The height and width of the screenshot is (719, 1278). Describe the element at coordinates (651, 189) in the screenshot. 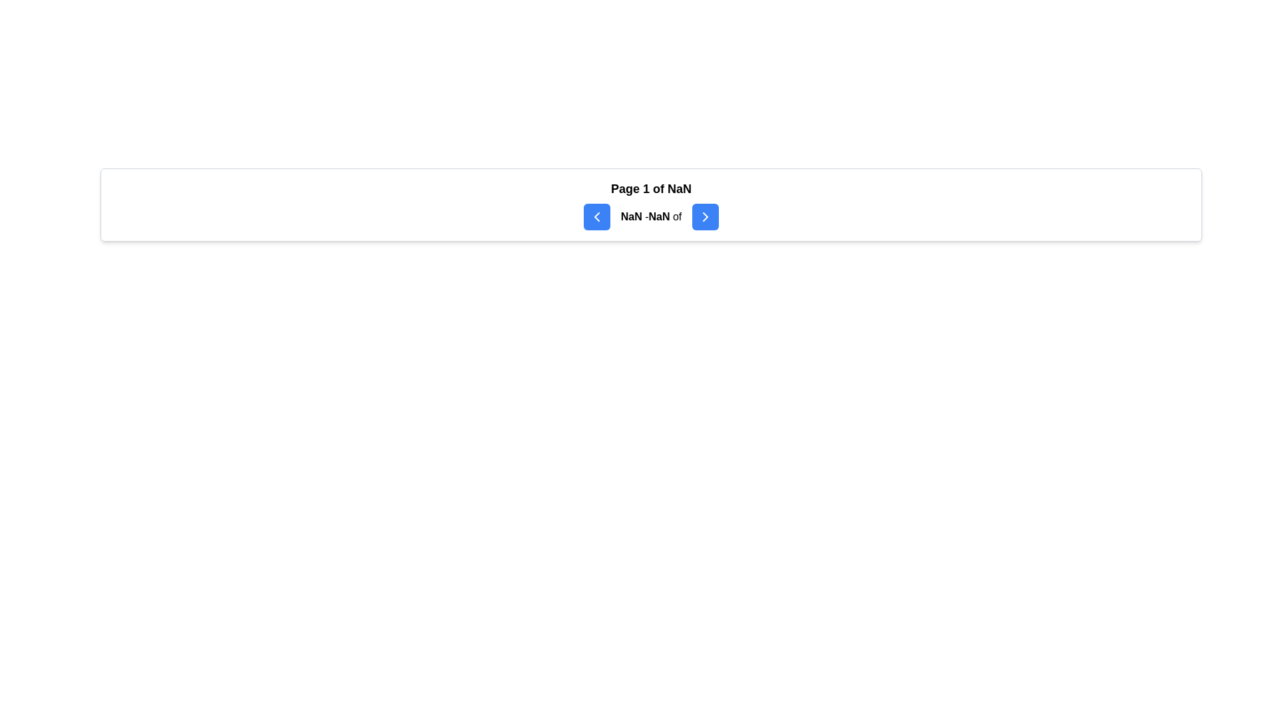

I see `the text label indicating the current page and total number of pages in the pagination context, which currently displays 'NaN'` at that location.